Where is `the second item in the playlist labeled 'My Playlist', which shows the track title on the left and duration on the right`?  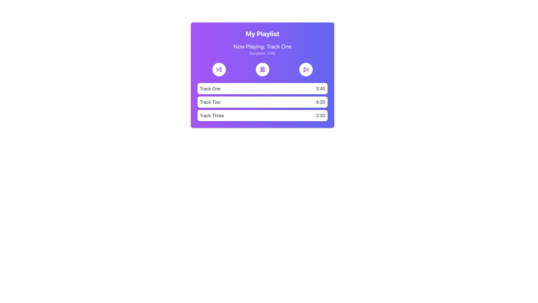
the second item in the playlist labeled 'My Playlist', which shows the track title on the left and duration on the right is located at coordinates (262, 102).